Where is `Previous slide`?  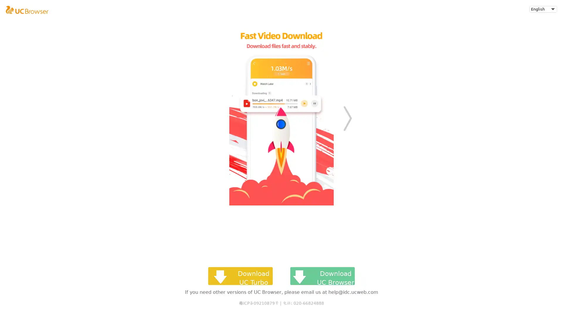
Previous slide is located at coordinates (215, 119).